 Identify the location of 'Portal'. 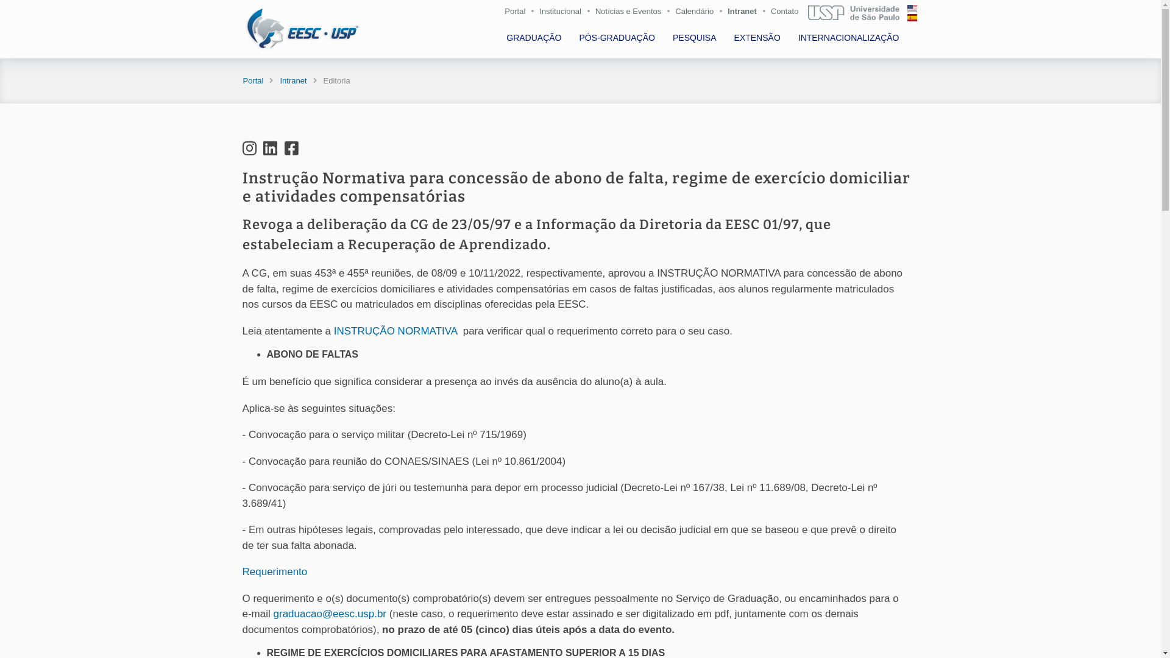
(252, 80).